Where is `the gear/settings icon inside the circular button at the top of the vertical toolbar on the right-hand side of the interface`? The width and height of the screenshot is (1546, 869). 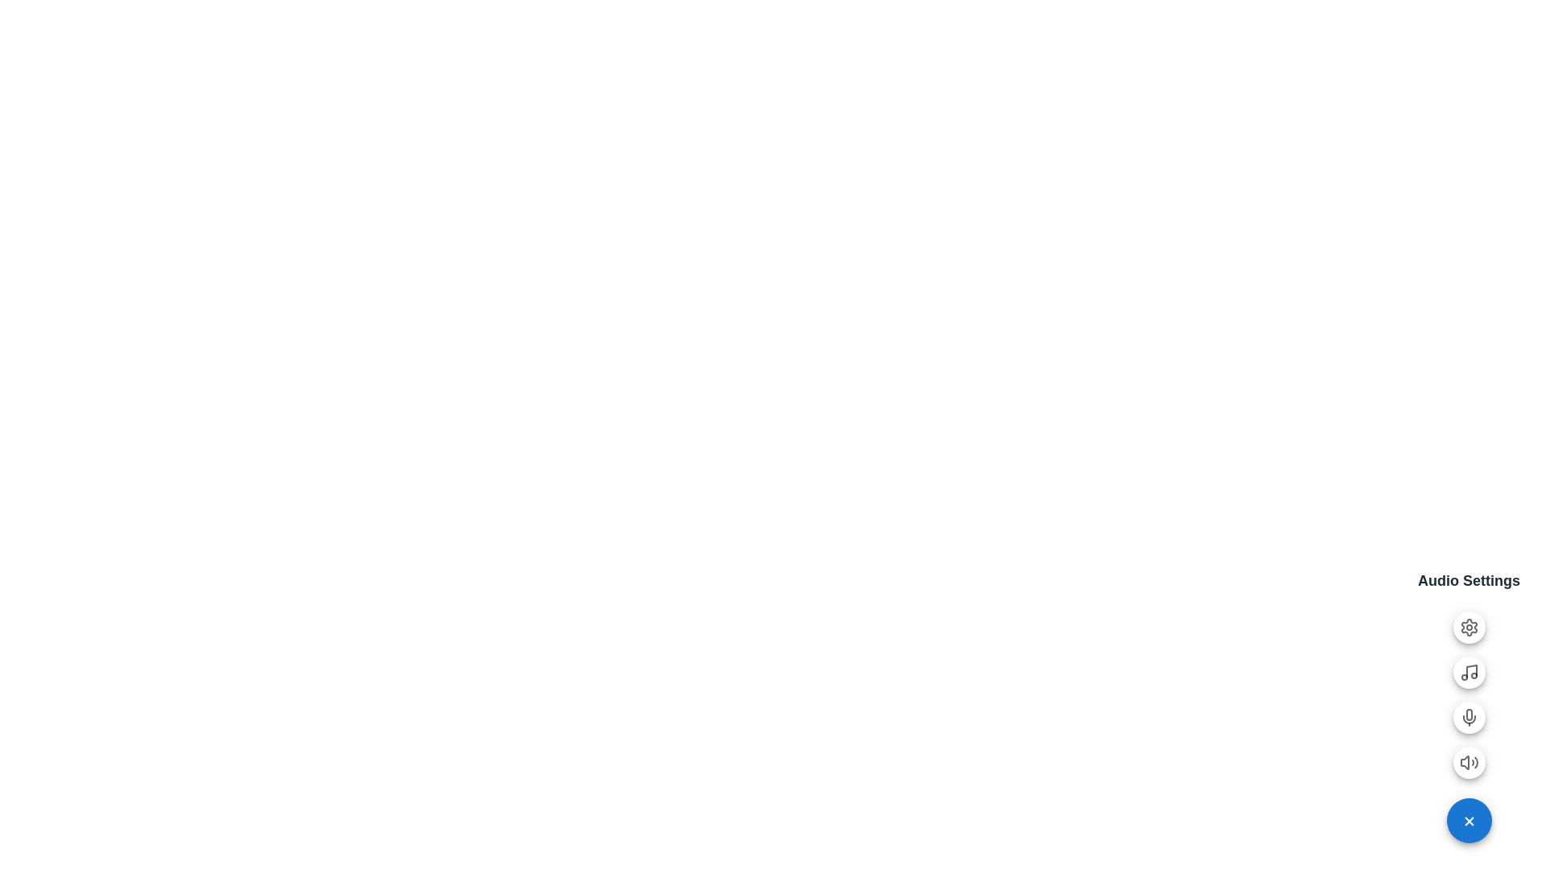
the gear/settings icon inside the circular button at the top of the vertical toolbar on the right-hand side of the interface is located at coordinates (1469, 626).